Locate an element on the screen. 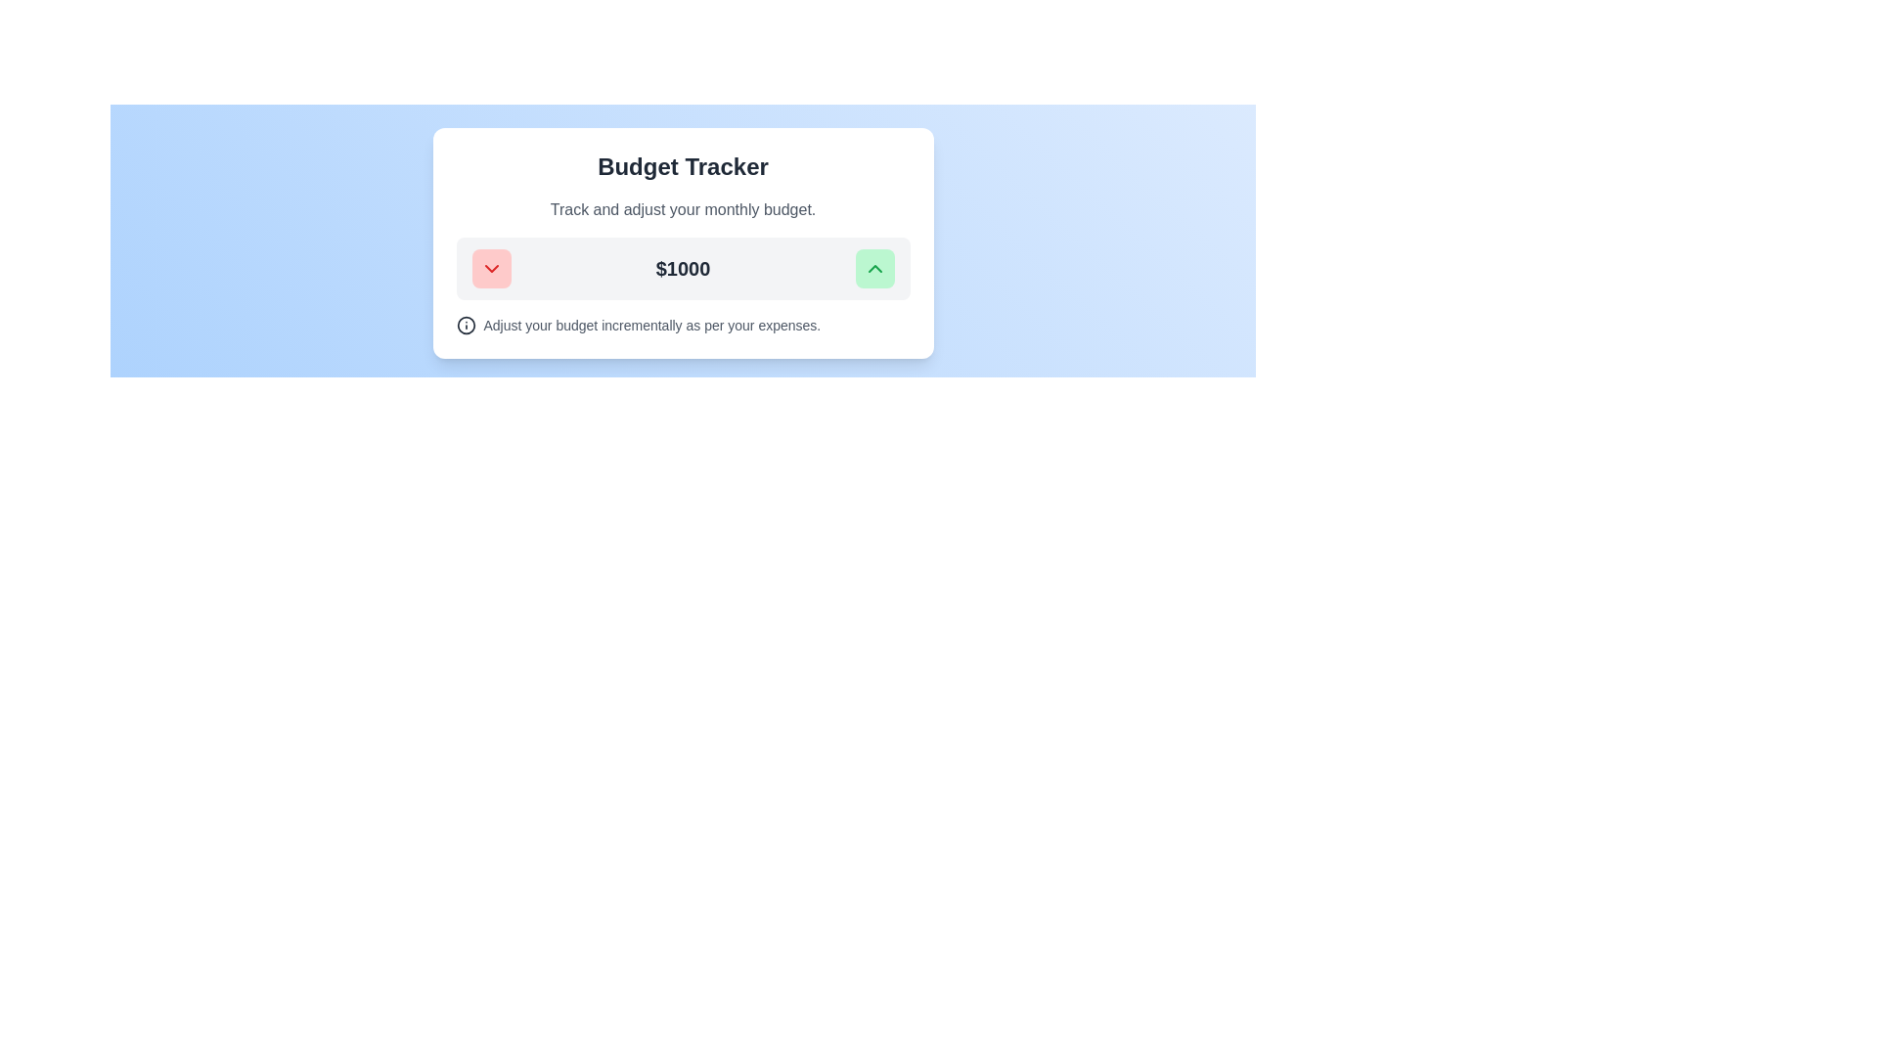 This screenshot has width=1878, height=1056. the budget increase button located at the far right of the '$1000' budget adjustment row is located at coordinates (873, 268).